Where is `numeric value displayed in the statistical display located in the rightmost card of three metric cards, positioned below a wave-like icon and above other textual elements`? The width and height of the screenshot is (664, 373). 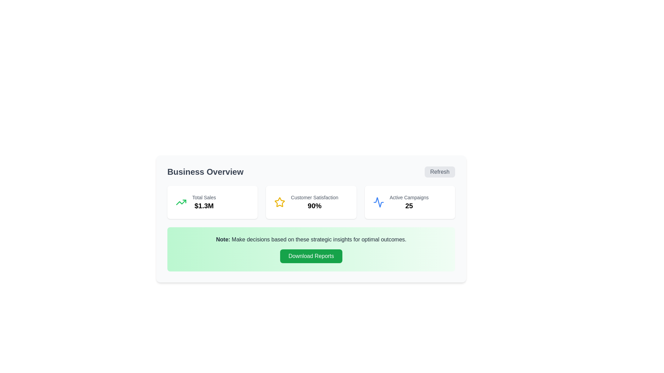
numeric value displayed in the statistical display located in the rightmost card of three metric cards, positioned below a wave-like icon and above other textual elements is located at coordinates (409, 202).